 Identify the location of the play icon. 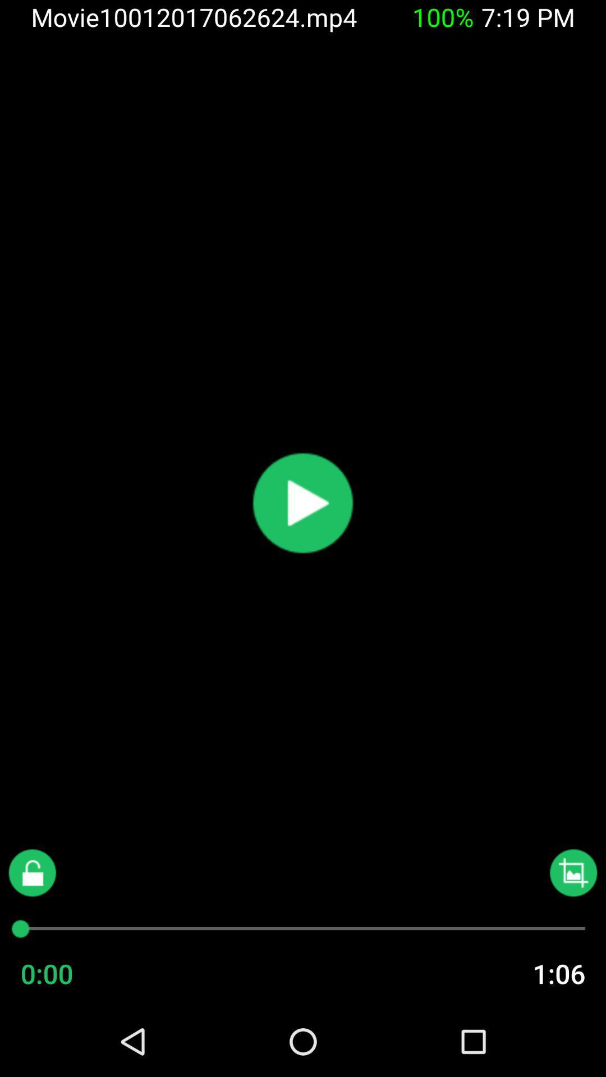
(303, 538).